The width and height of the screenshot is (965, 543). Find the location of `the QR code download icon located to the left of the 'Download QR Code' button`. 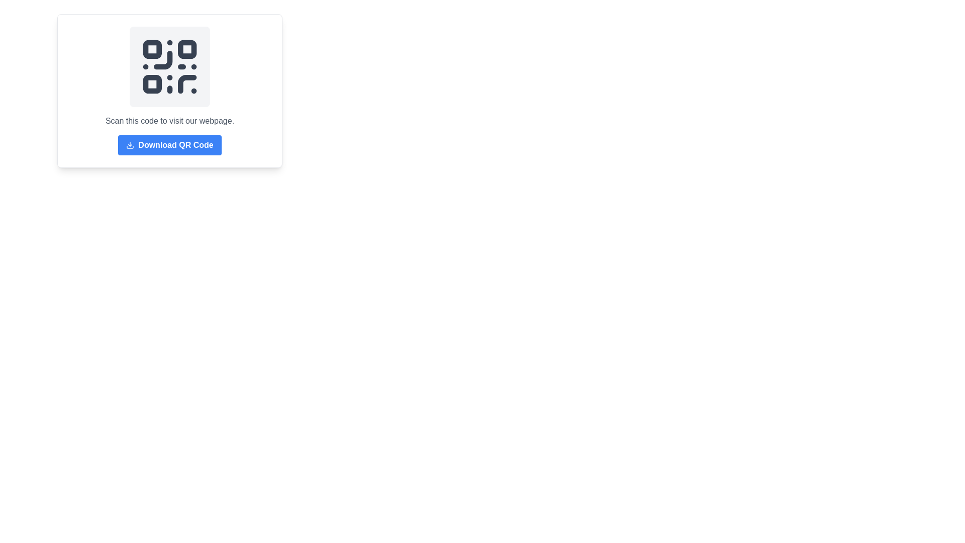

the QR code download icon located to the left of the 'Download QR Code' button is located at coordinates (130, 145).